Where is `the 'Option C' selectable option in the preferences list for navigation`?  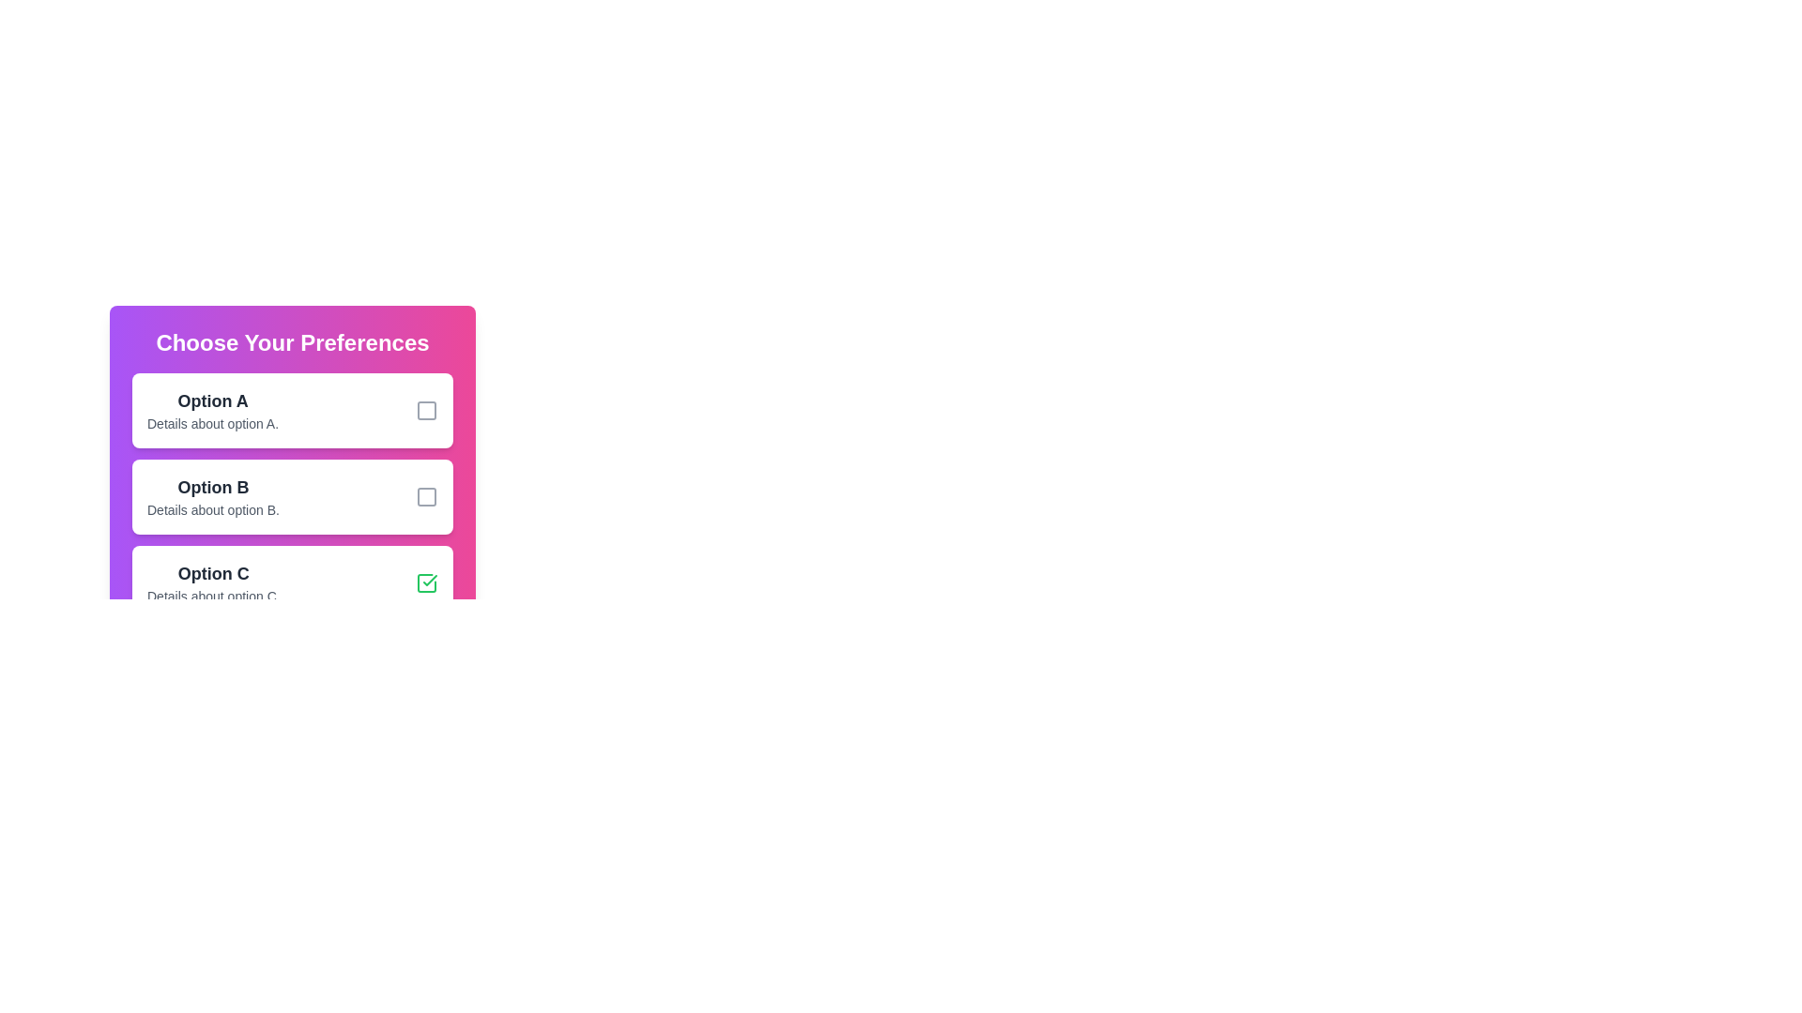
the 'Option C' selectable option in the preferences list for navigation is located at coordinates (292, 582).